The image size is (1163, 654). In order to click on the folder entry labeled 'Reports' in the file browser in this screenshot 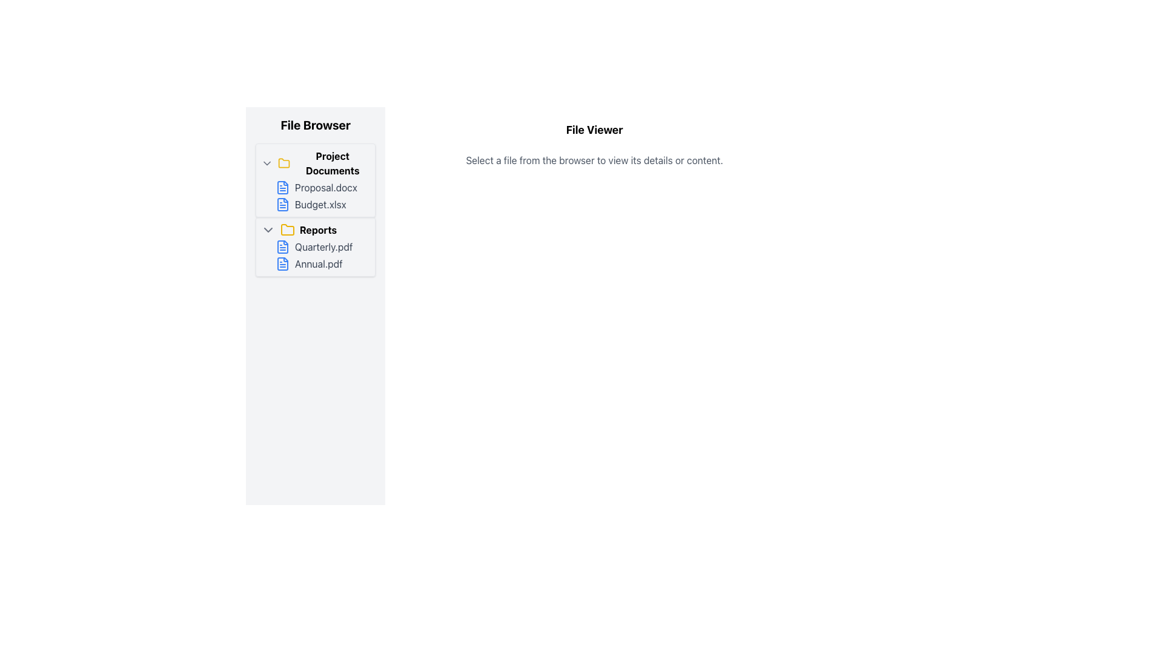, I will do `click(316, 230)`.